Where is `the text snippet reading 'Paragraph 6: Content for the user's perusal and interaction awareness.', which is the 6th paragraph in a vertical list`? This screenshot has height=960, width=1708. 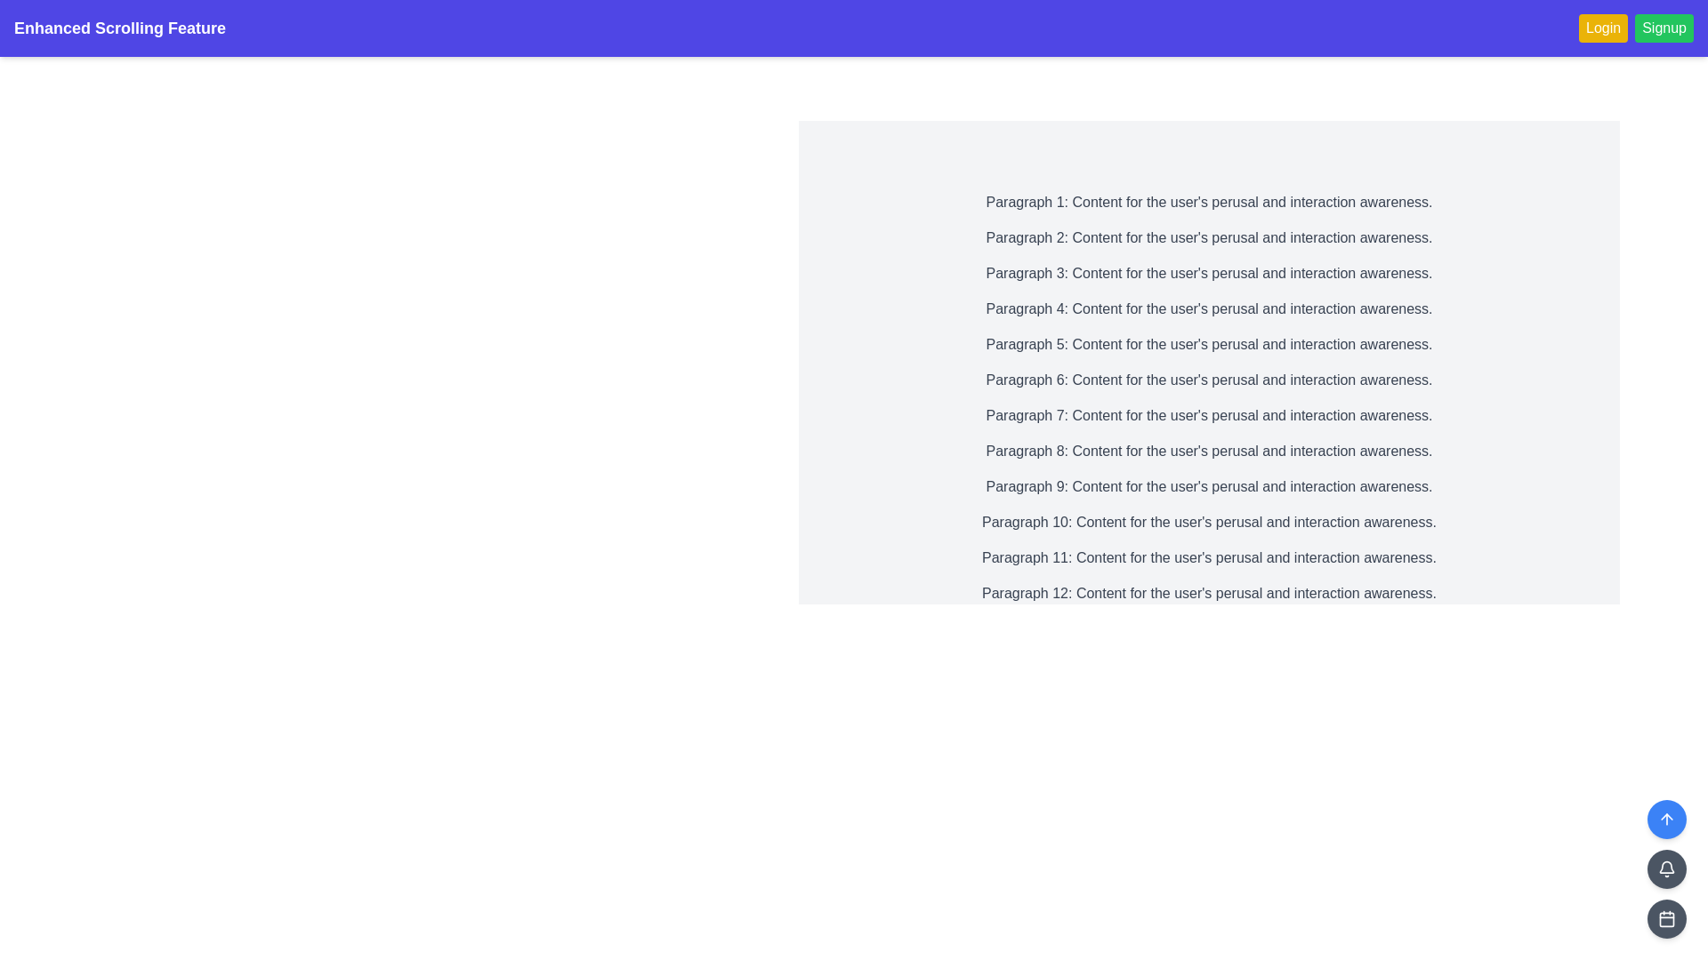 the text snippet reading 'Paragraph 6: Content for the user's perusal and interaction awareness.', which is the 6th paragraph in a vertical list is located at coordinates (1209, 380).